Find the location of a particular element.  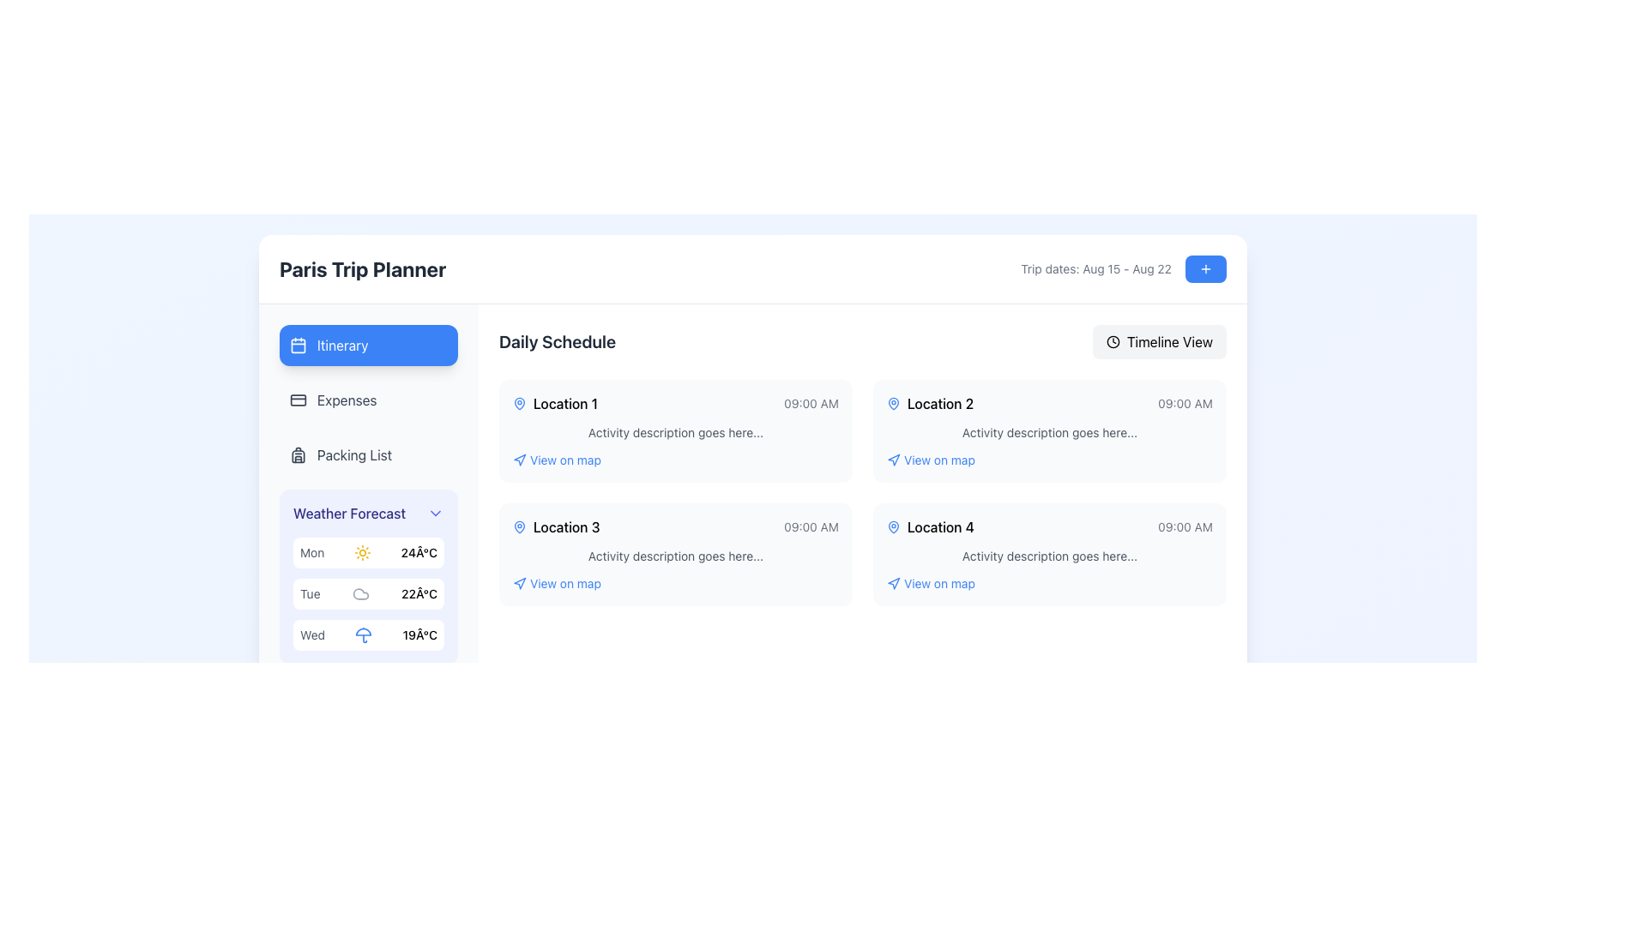

the top card in the second column of the 'Daily Schedule' section is located at coordinates (1049, 430).